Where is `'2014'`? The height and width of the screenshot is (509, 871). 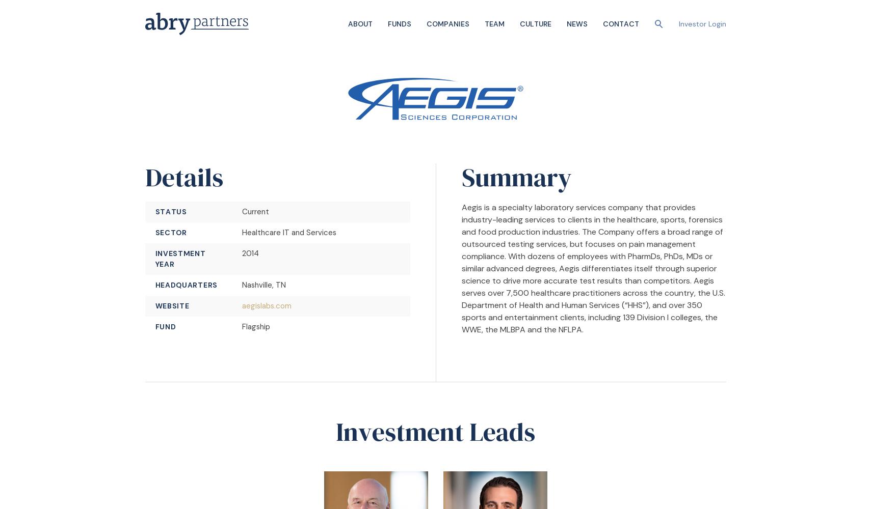 '2014' is located at coordinates (249, 253).